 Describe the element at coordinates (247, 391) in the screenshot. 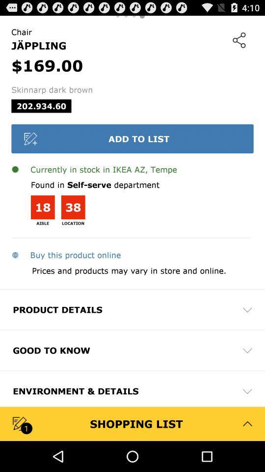

I see `the last drop box button from the right top of the page` at that location.